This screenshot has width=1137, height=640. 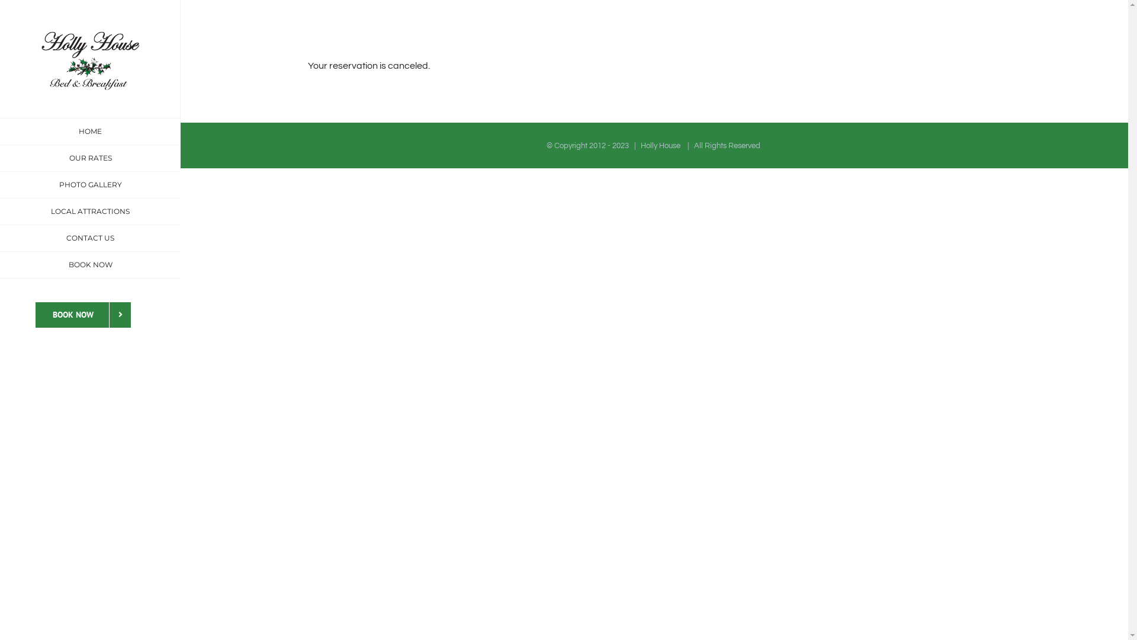 What do you see at coordinates (89, 158) in the screenshot?
I see `'OUR RATES'` at bounding box center [89, 158].